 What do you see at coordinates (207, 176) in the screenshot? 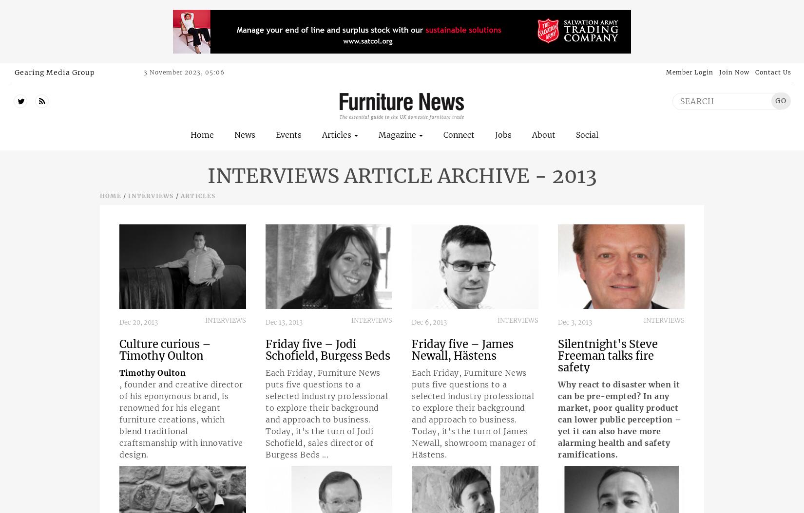
I see `'Interviews Article Archive - 2013'` at bounding box center [207, 176].